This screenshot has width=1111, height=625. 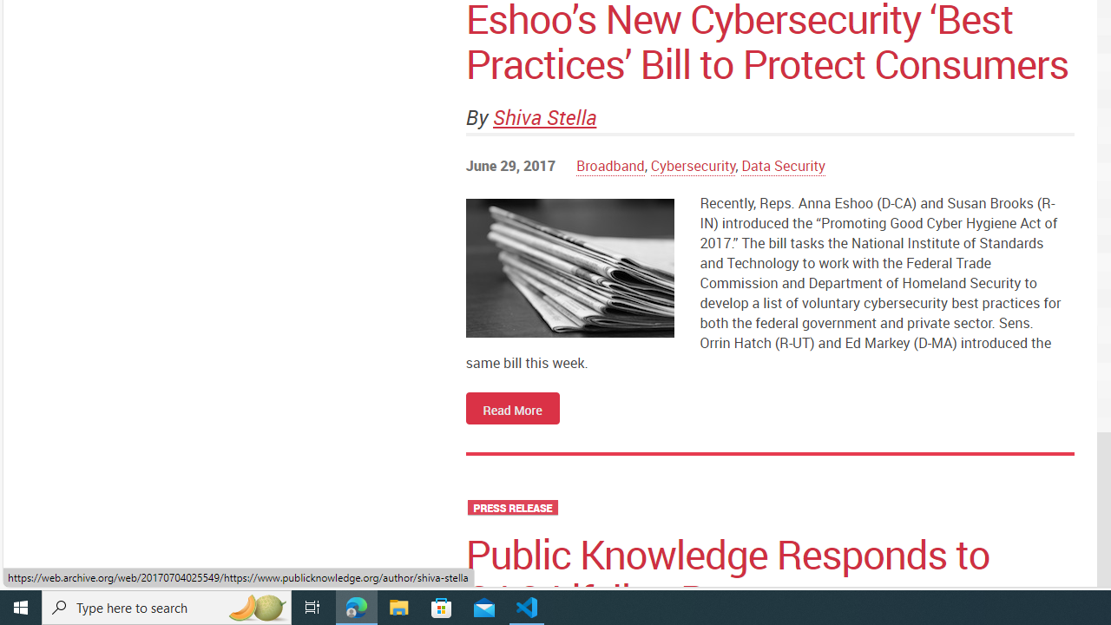 I want to click on 'Broadband', so click(x=610, y=166).